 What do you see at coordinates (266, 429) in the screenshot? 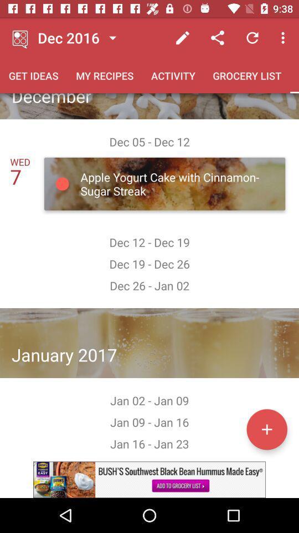
I see `space` at bounding box center [266, 429].